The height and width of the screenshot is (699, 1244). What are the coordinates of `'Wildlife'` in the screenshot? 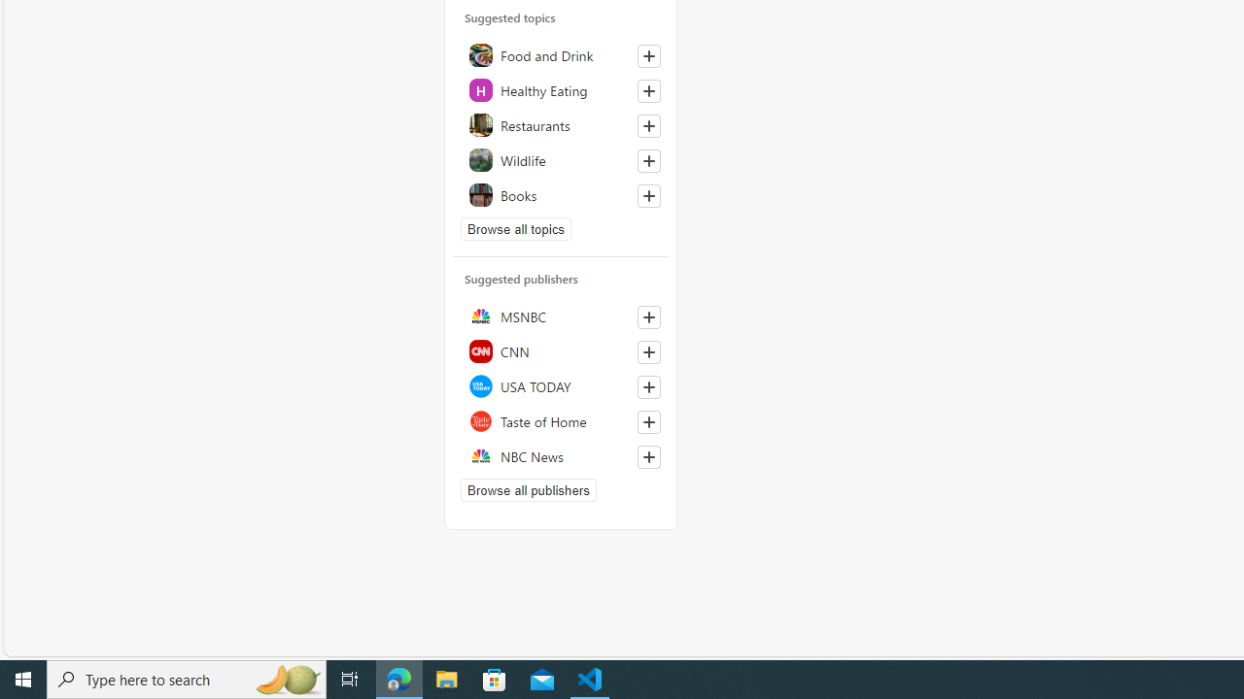 It's located at (560, 159).